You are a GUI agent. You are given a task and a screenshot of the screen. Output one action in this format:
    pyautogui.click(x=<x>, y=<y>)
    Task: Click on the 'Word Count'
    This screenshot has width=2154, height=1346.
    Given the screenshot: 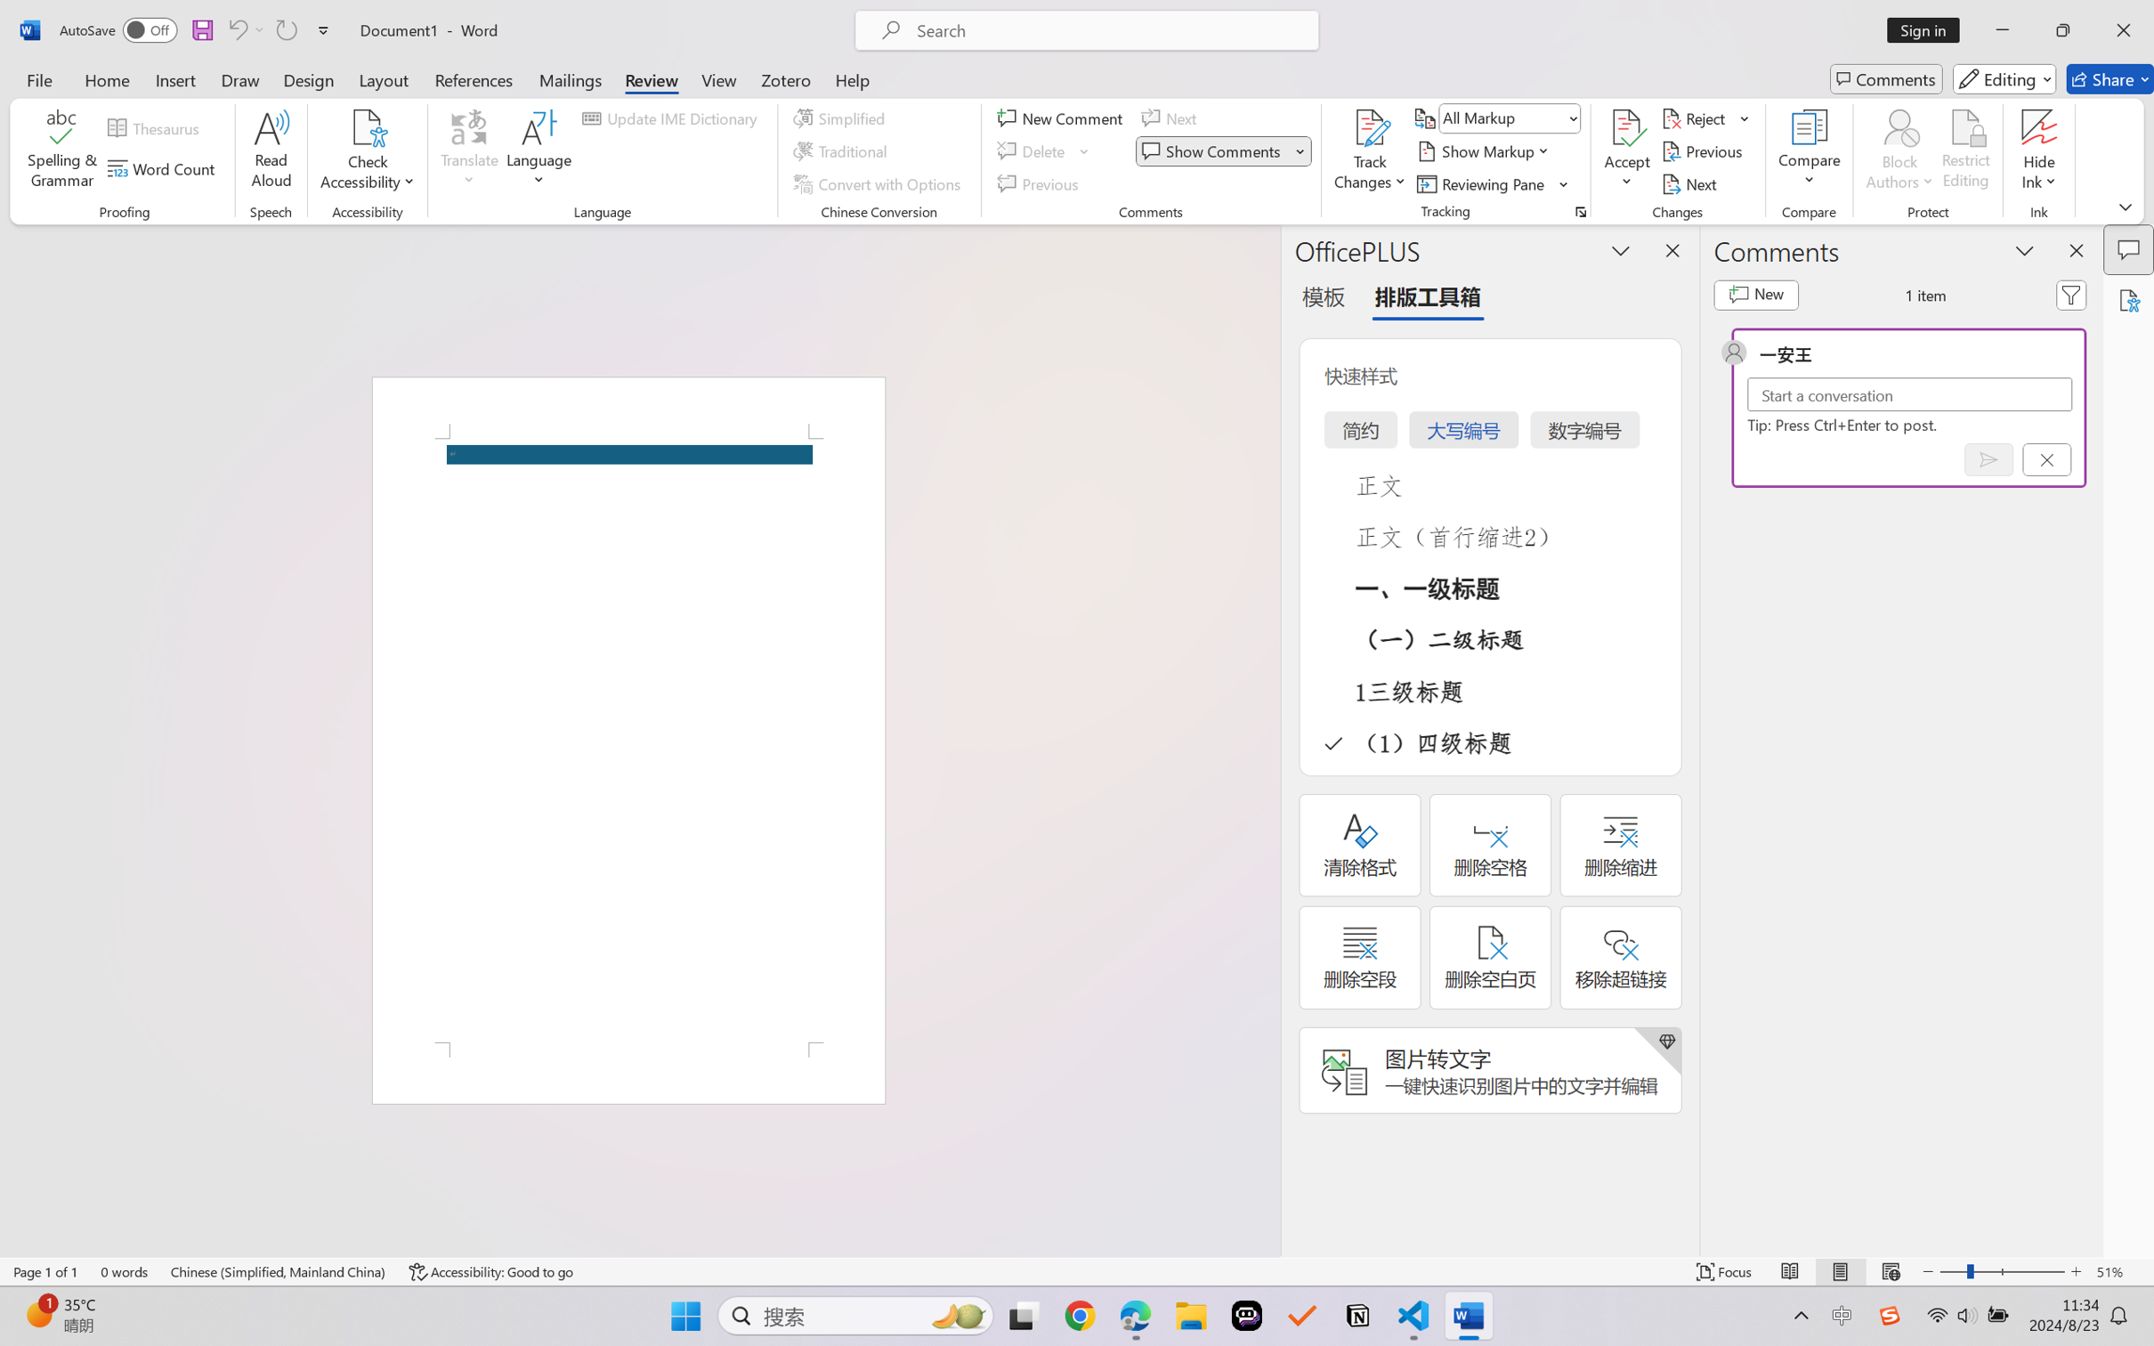 What is the action you would take?
    pyautogui.click(x=163, y=167)
    